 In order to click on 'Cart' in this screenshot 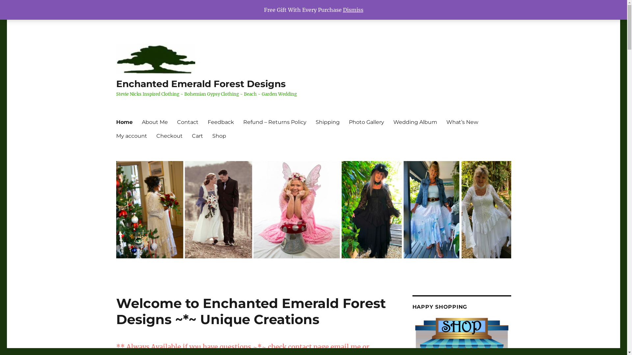, I will do `click(197, 135)`.